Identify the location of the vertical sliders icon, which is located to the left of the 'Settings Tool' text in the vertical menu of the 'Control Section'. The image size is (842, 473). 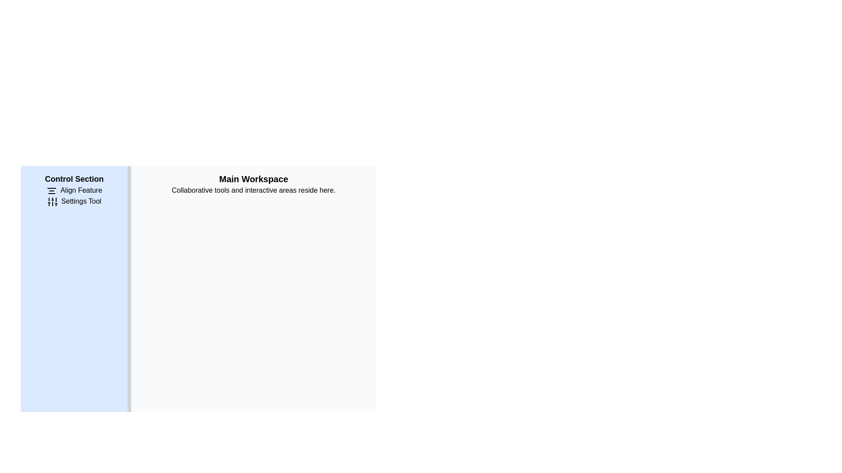
(52, 201).